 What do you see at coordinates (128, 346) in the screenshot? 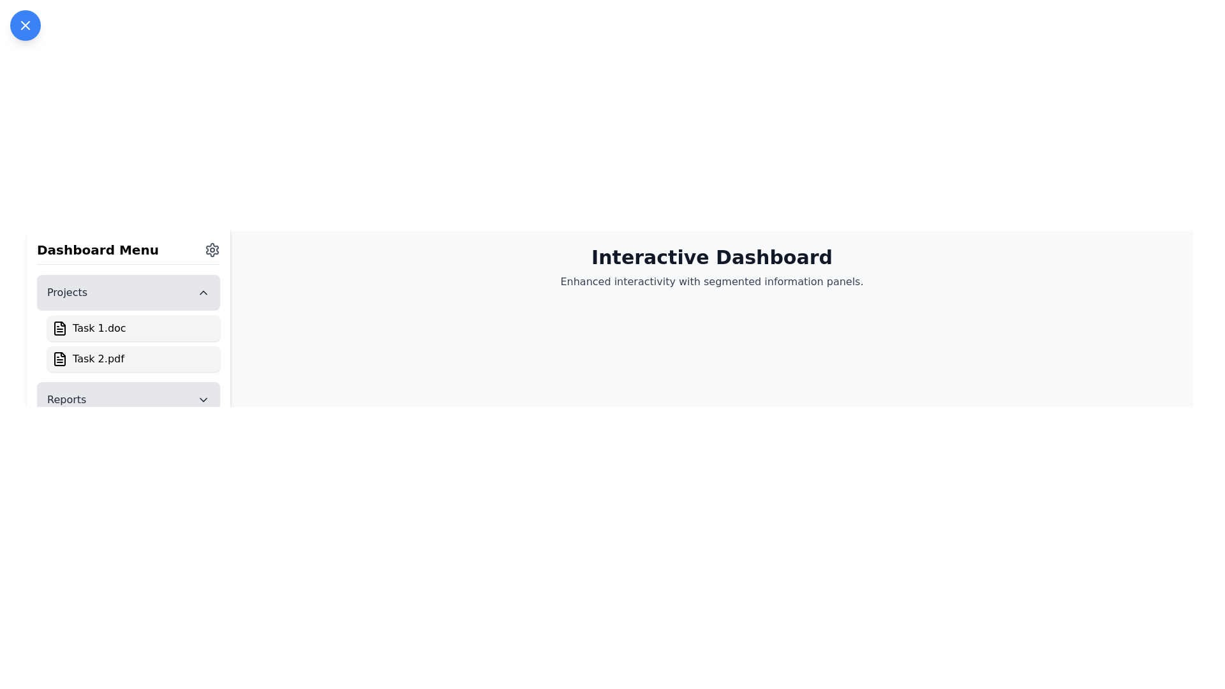
I see `the list item labeled 'Task 2.pdf' in the Projects section` at bounding box center [128, 346].